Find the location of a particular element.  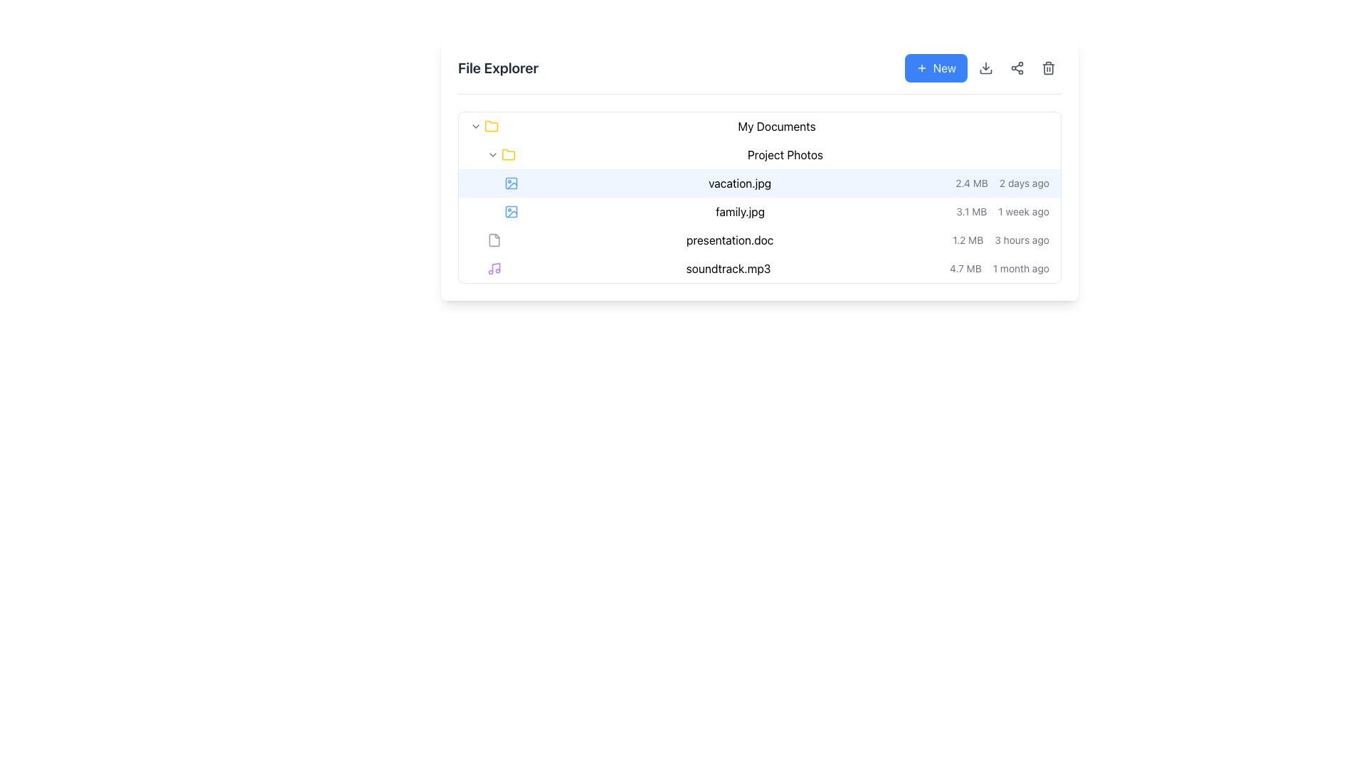

the folder icon representing the 'Project Photos' folder in the file explorer is located at coordinates (509, 154).